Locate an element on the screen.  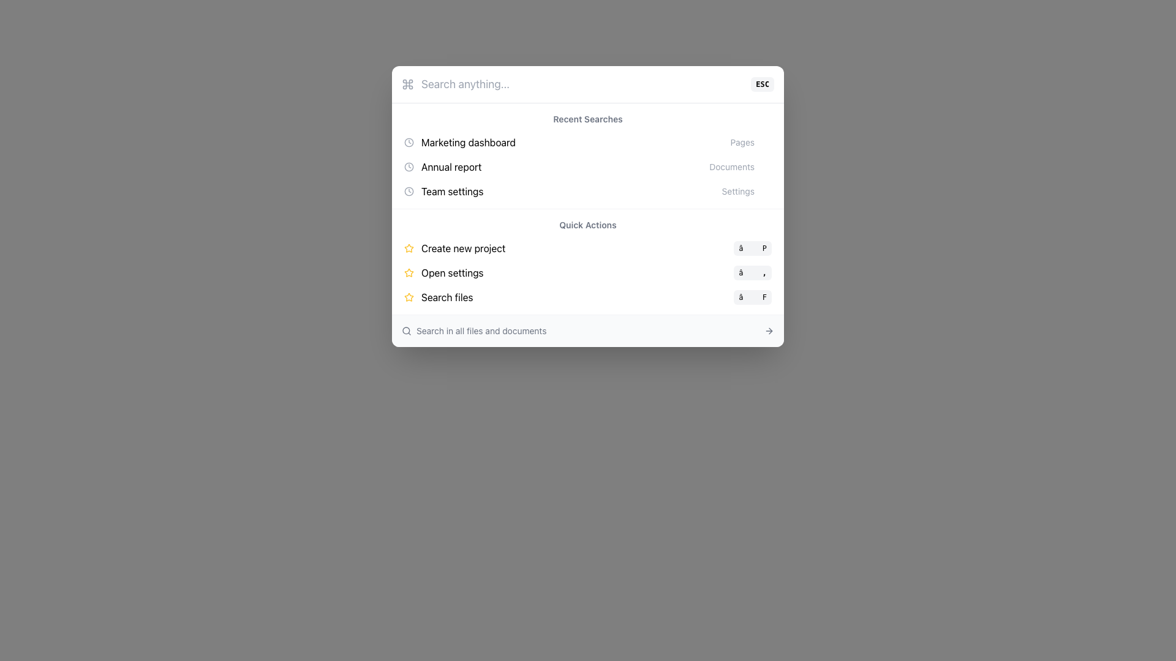
the Icon (Arrow) positioned at the far right of the interface panel, adjacent to the search input field, as it signifies navigation or progression is located at coordinates (769, 330).